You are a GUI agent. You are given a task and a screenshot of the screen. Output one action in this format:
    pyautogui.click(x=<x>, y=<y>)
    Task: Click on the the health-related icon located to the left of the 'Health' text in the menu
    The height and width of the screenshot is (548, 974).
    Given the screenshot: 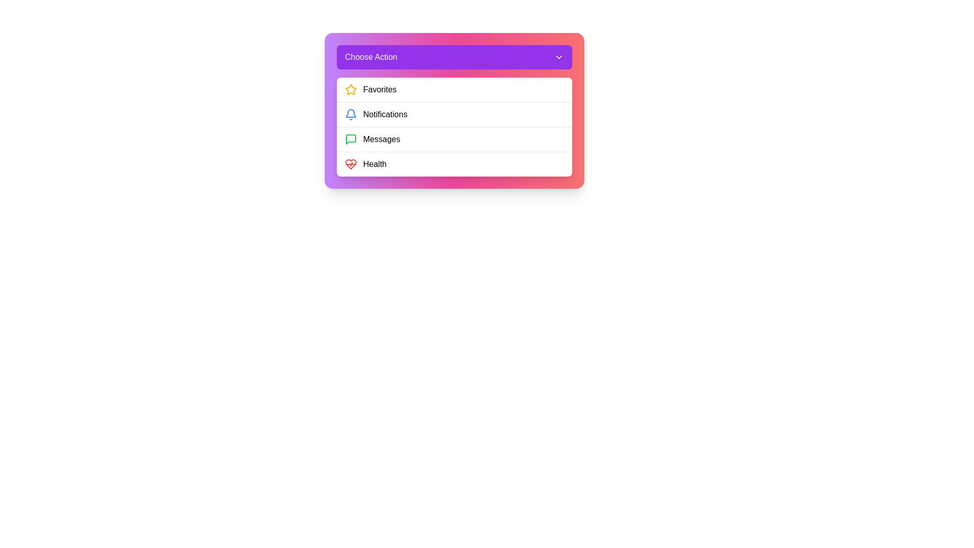 What is the action you would take?
    pyautogui.click(x=351, y=164)
    